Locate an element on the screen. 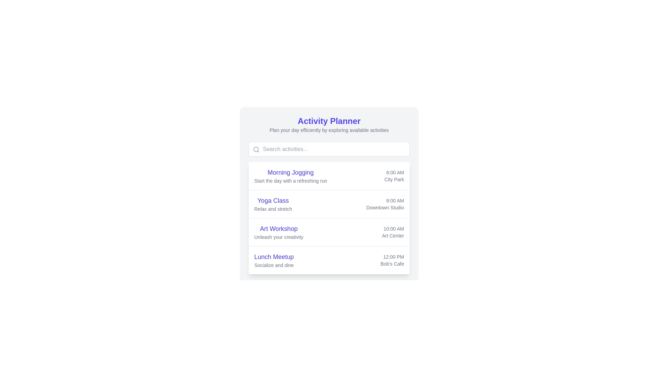 Image resolution: width=666 pixels, height=375 pixels. the List item titled 'Morning Jogging' is located at coordinates (329, 175).